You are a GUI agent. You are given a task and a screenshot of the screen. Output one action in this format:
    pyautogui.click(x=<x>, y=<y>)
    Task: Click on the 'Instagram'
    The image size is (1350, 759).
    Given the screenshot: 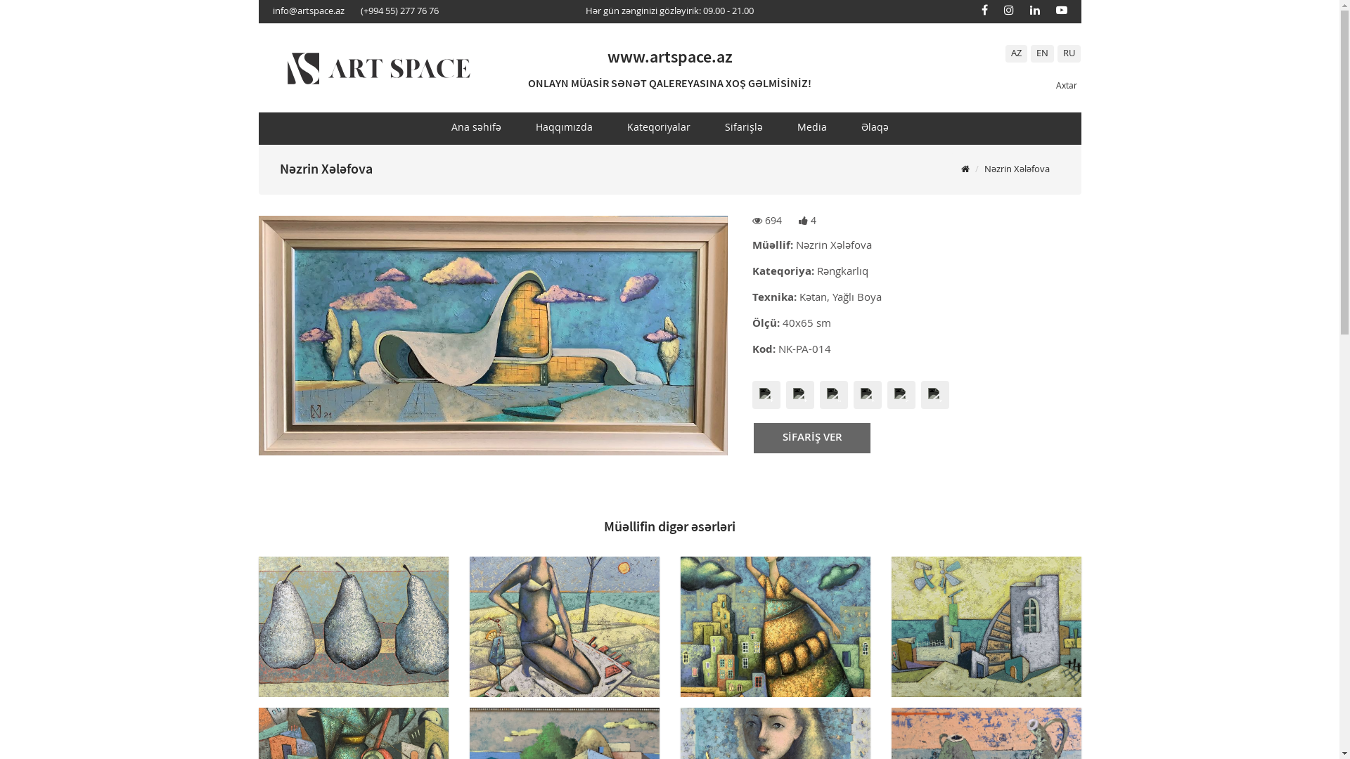 What is the action you would take?
    pyautogui.click(x=1008, y=10)
    